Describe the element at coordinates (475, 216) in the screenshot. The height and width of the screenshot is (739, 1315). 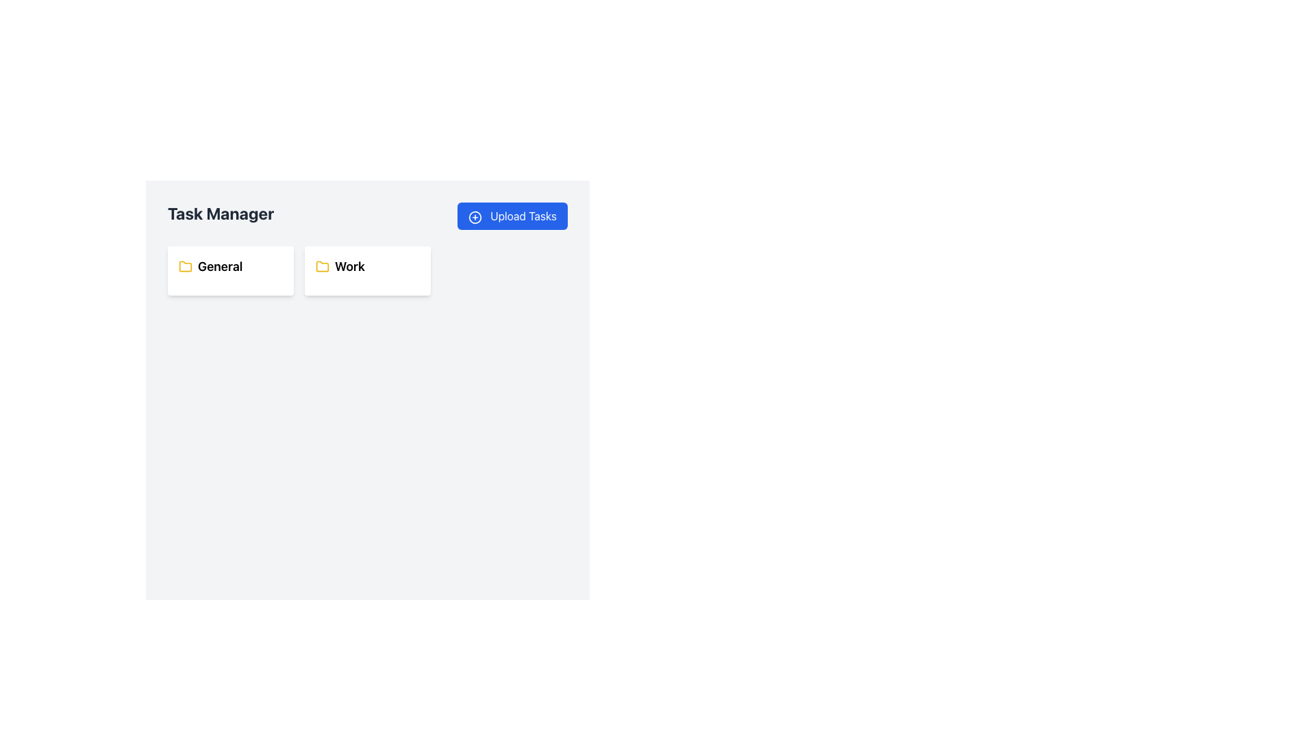
I see `the 'Upload Tasks' icon, which is located to the left of the text label within a blue, rounded rectangle button at the top-right corner of the interface` at that location.